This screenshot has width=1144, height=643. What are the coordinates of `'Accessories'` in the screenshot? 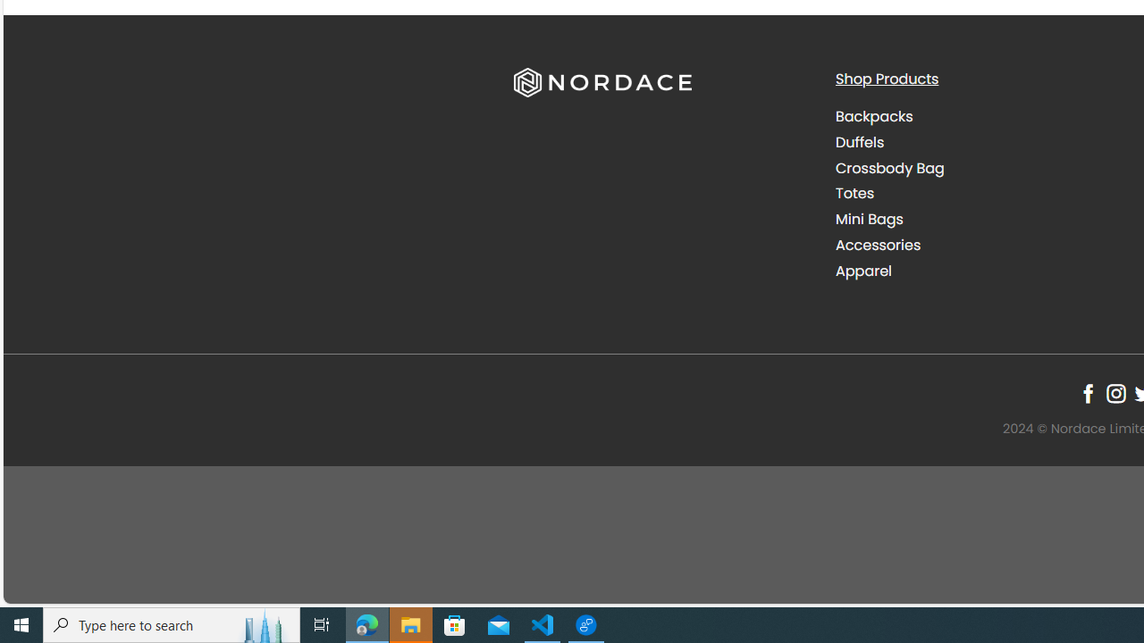 It's located at (981, 245).